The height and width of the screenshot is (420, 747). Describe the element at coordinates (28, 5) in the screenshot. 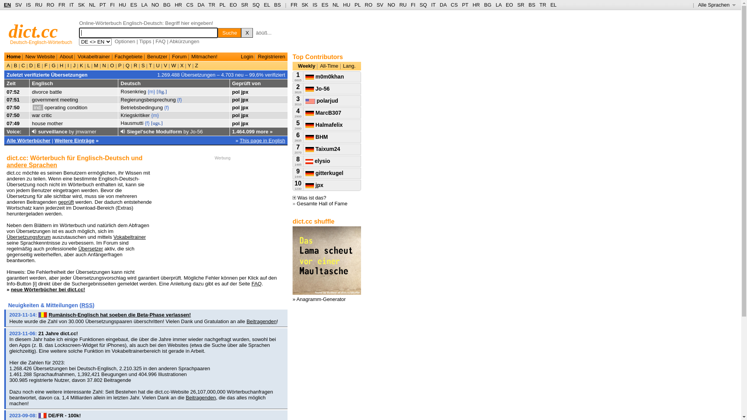

I see `'IS'` at that location.